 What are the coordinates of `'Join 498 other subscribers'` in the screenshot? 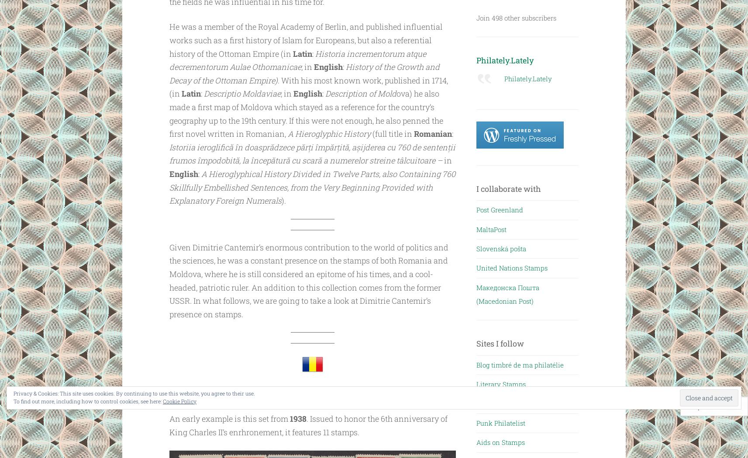 It's located at (475, 17).